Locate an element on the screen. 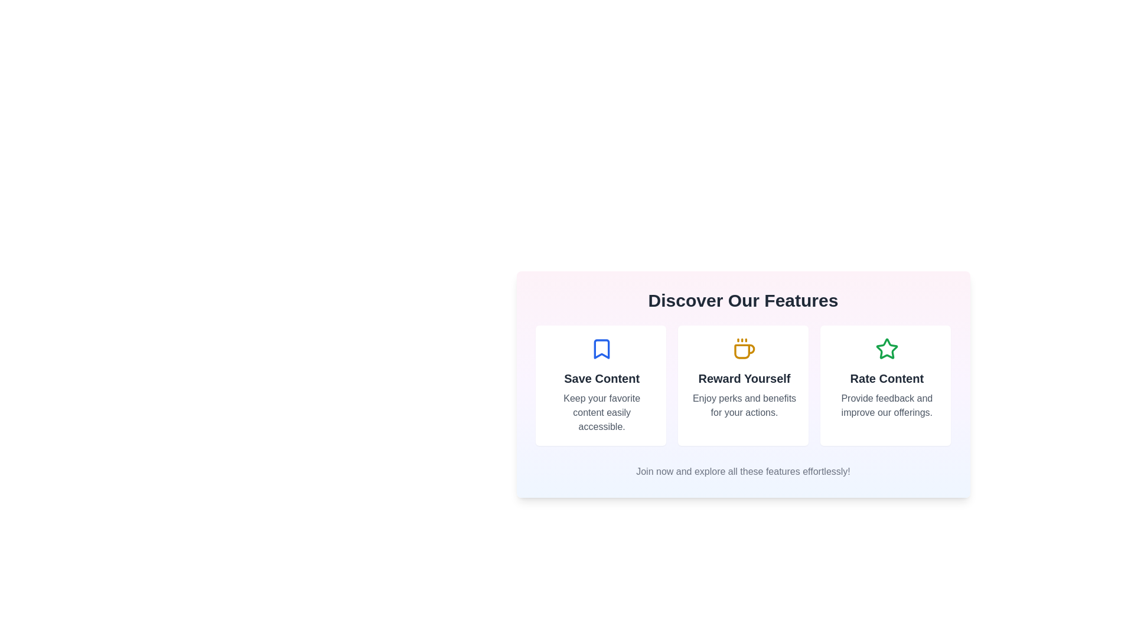 This screenshot has height=637, width=1134. the interactive card located at the rightmost position within the three-column grid under the heading 'Discover Our Features' is located at coordinates (885, 386).